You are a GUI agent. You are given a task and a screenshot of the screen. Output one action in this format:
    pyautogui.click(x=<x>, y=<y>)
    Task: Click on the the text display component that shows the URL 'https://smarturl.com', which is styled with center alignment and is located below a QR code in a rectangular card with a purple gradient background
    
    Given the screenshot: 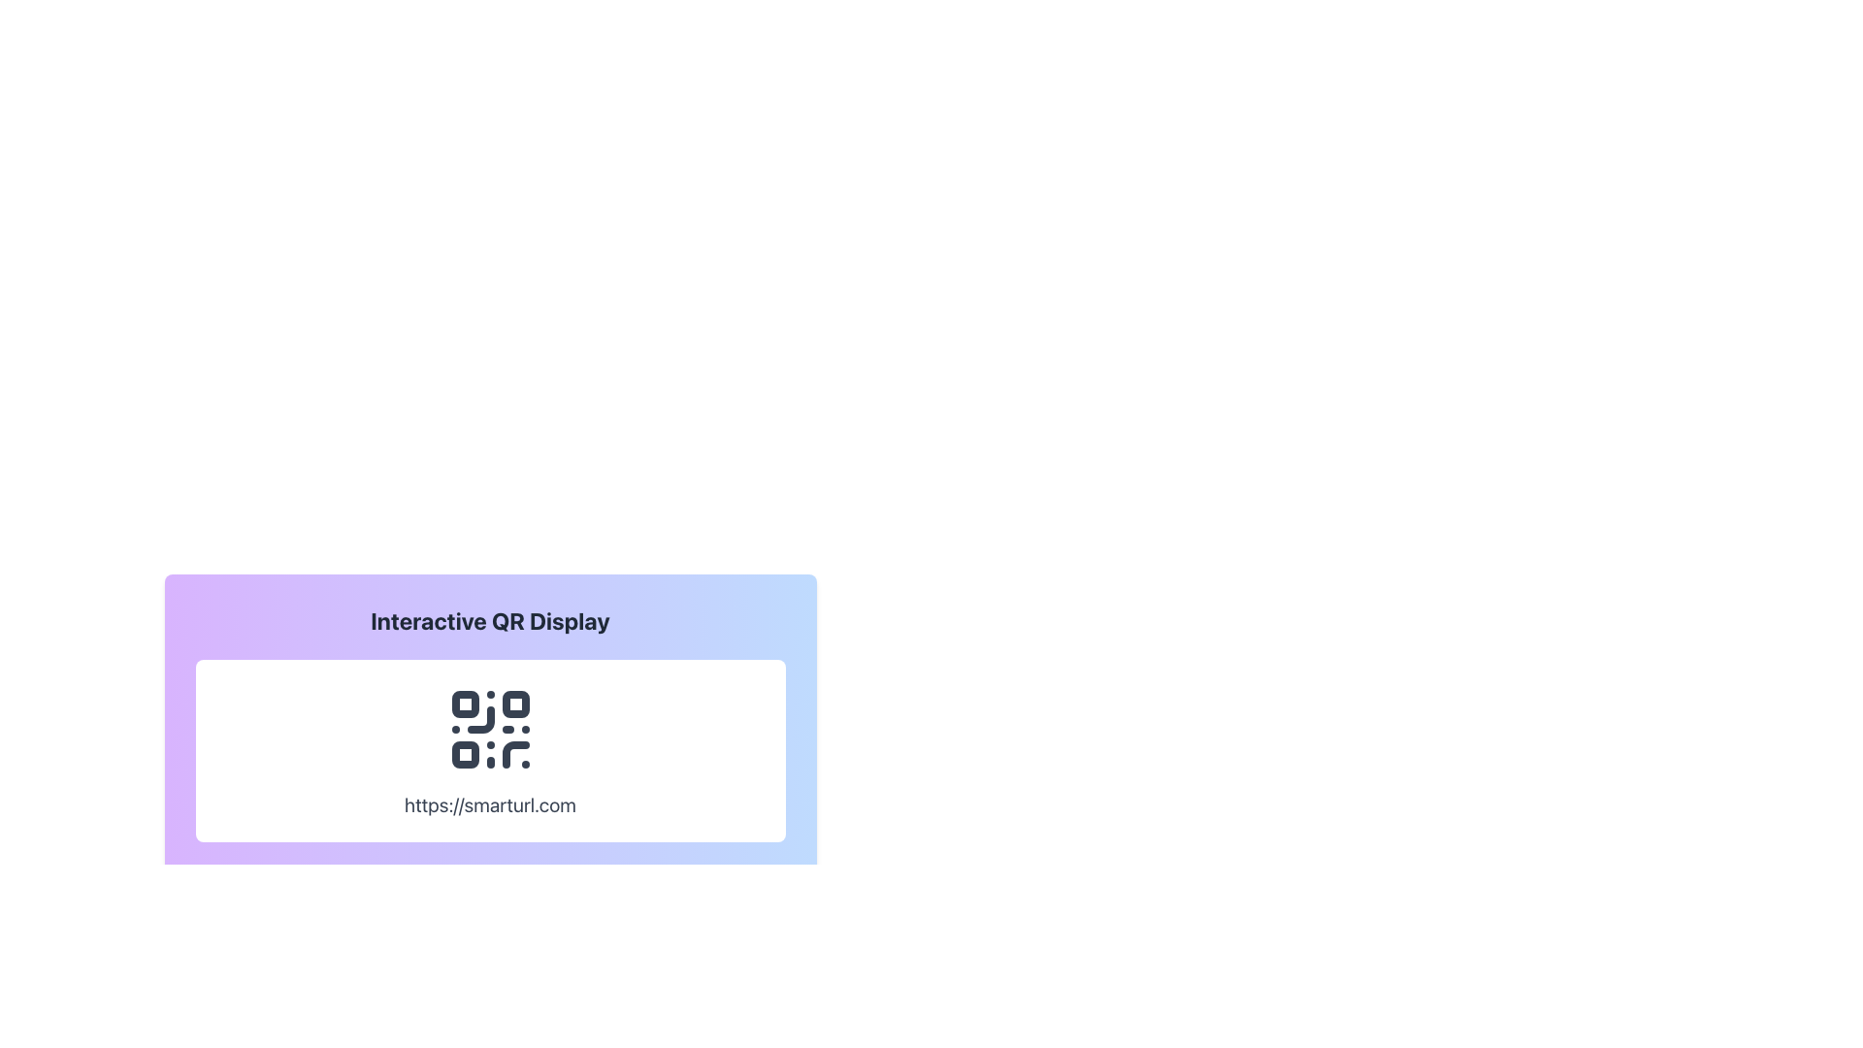 What is the action you would take?
    pyautogui.click(x=490, y=804)
    